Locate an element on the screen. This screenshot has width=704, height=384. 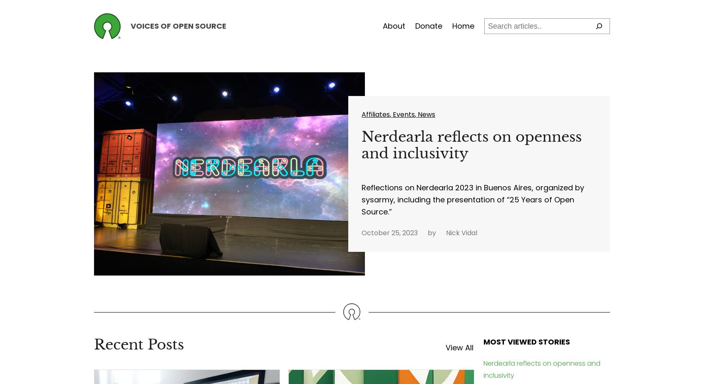
'by' is located at coordinates (431, 233).